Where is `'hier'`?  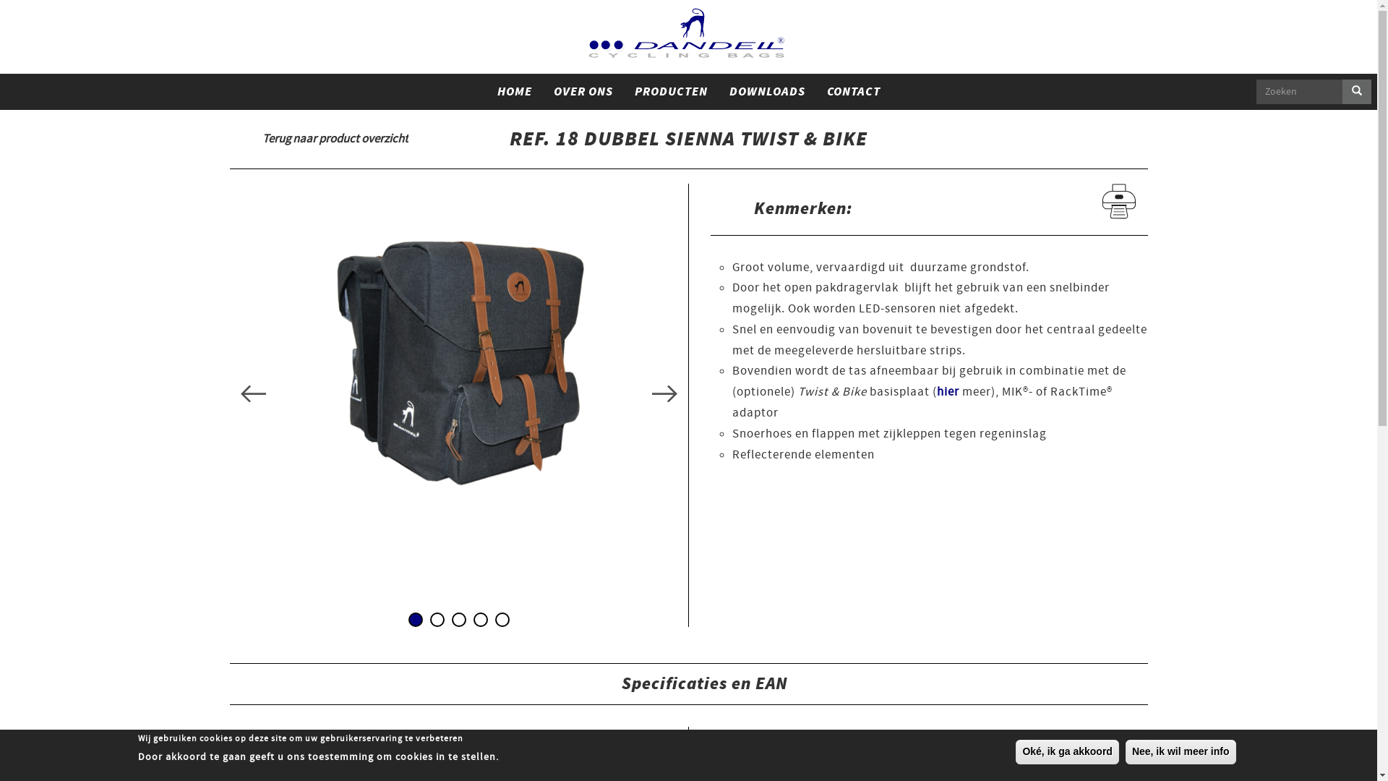 'hier' is located at coordinates (948, 392).